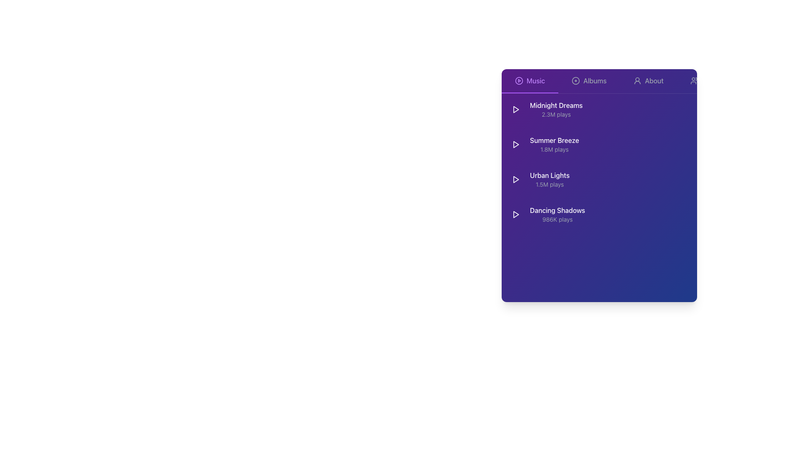  Describe the element at coordinates (515, 179) in the screenshot. I see `the triangular play button icon with a hollow outline, located to the left of the 'Urban Lights' text label` at that location.